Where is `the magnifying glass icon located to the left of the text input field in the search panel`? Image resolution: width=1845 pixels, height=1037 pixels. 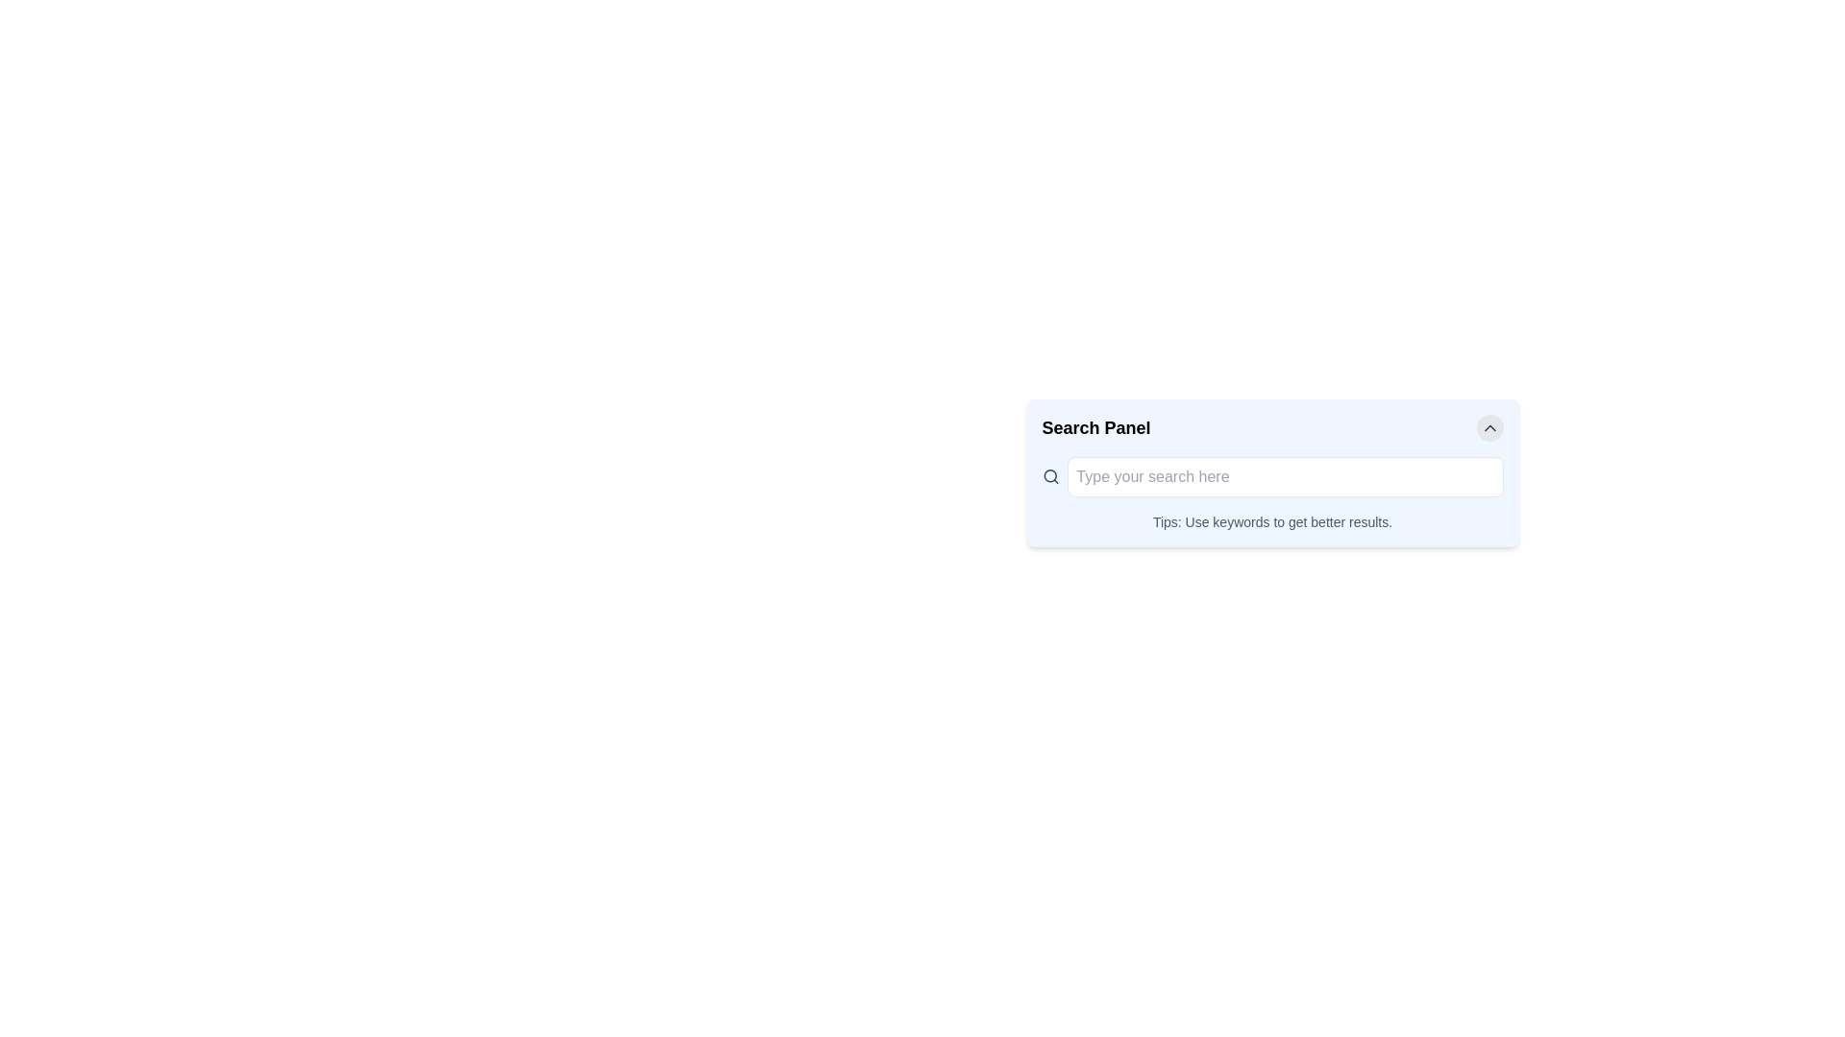 the magnifying glass icon located to the left of the text input field in the search panel is located at coordinates (1050, 476).